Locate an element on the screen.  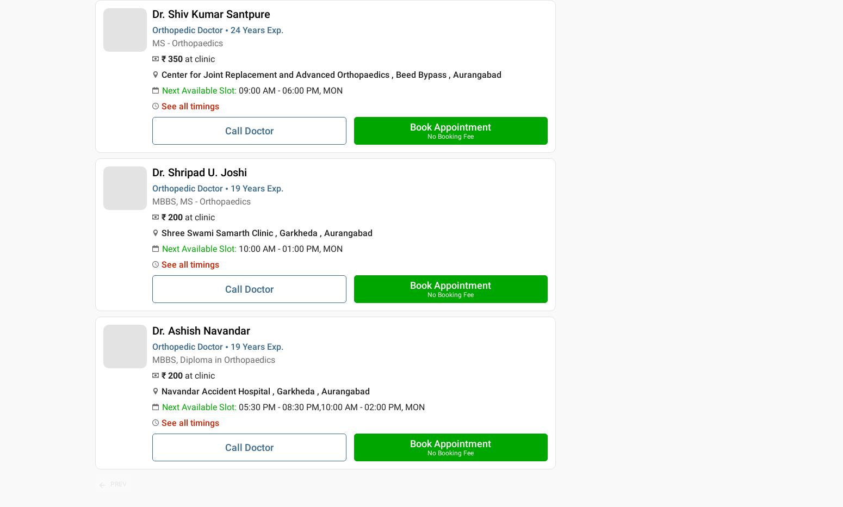
'PREV' is located at coordinates (117, 484).